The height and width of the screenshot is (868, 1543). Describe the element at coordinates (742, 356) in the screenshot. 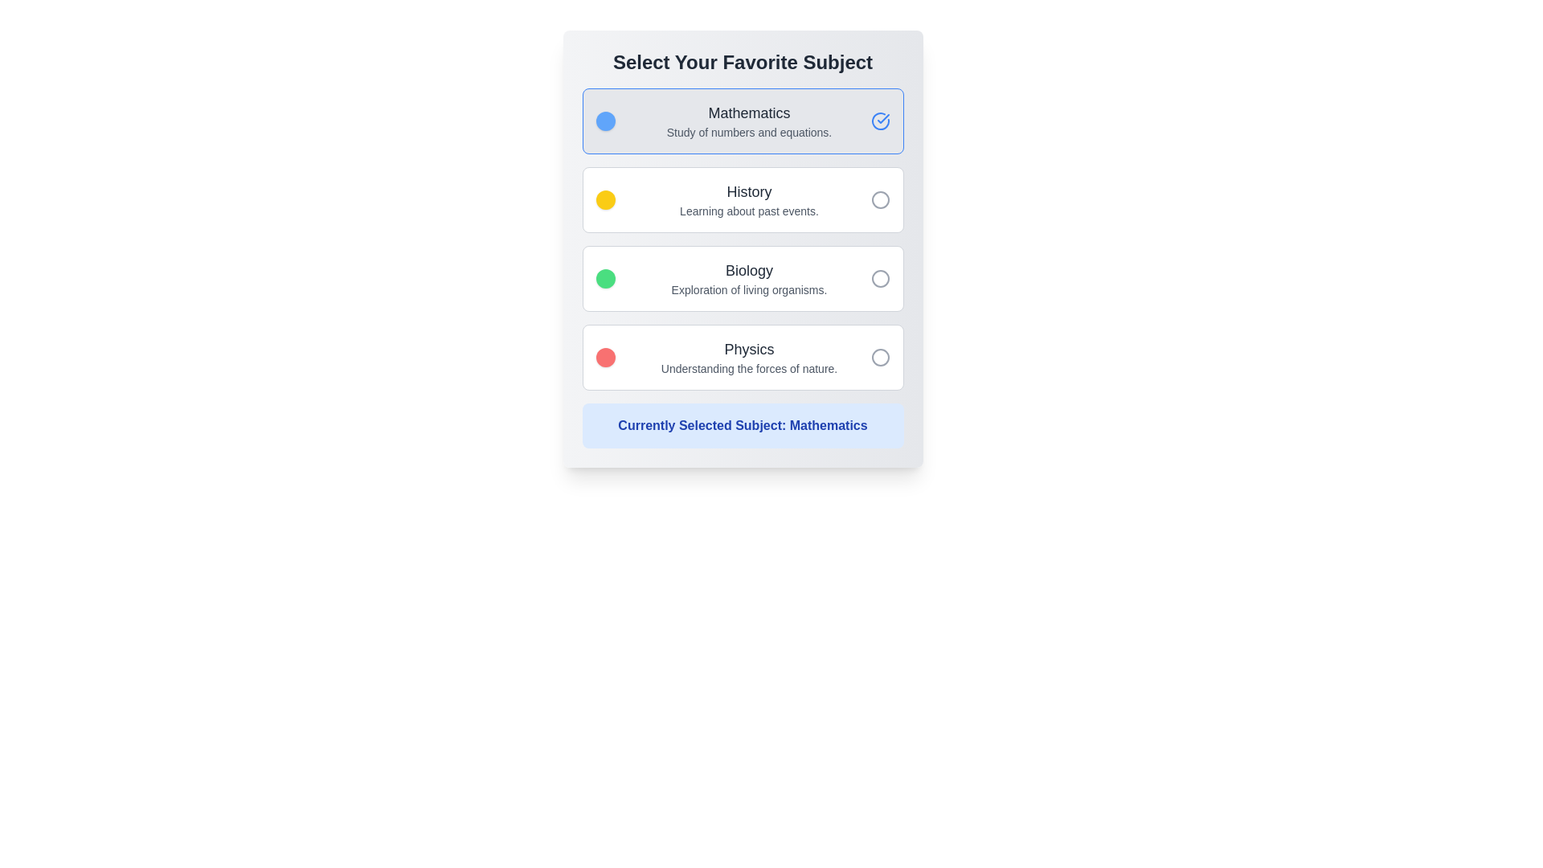

I see `the selectable list item for 'Physics'` at that location.